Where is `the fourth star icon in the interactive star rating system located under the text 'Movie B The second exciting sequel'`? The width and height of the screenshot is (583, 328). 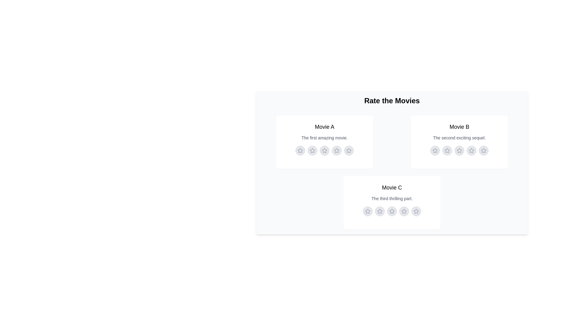 the fourth star icon in the interactive star rating system located under the text 'Movie B The second exciting sequel' is located at coordinates (471, 150).